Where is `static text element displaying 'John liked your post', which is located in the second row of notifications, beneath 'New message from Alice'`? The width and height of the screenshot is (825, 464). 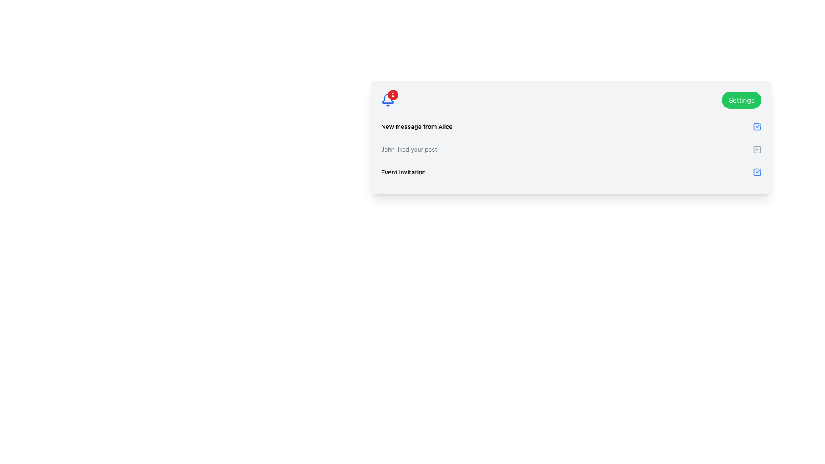
static text element displaying 'John liked your post', which is located in the second row of notifications, beneath 'New message from Alice' is located at coordinates (409, 149).